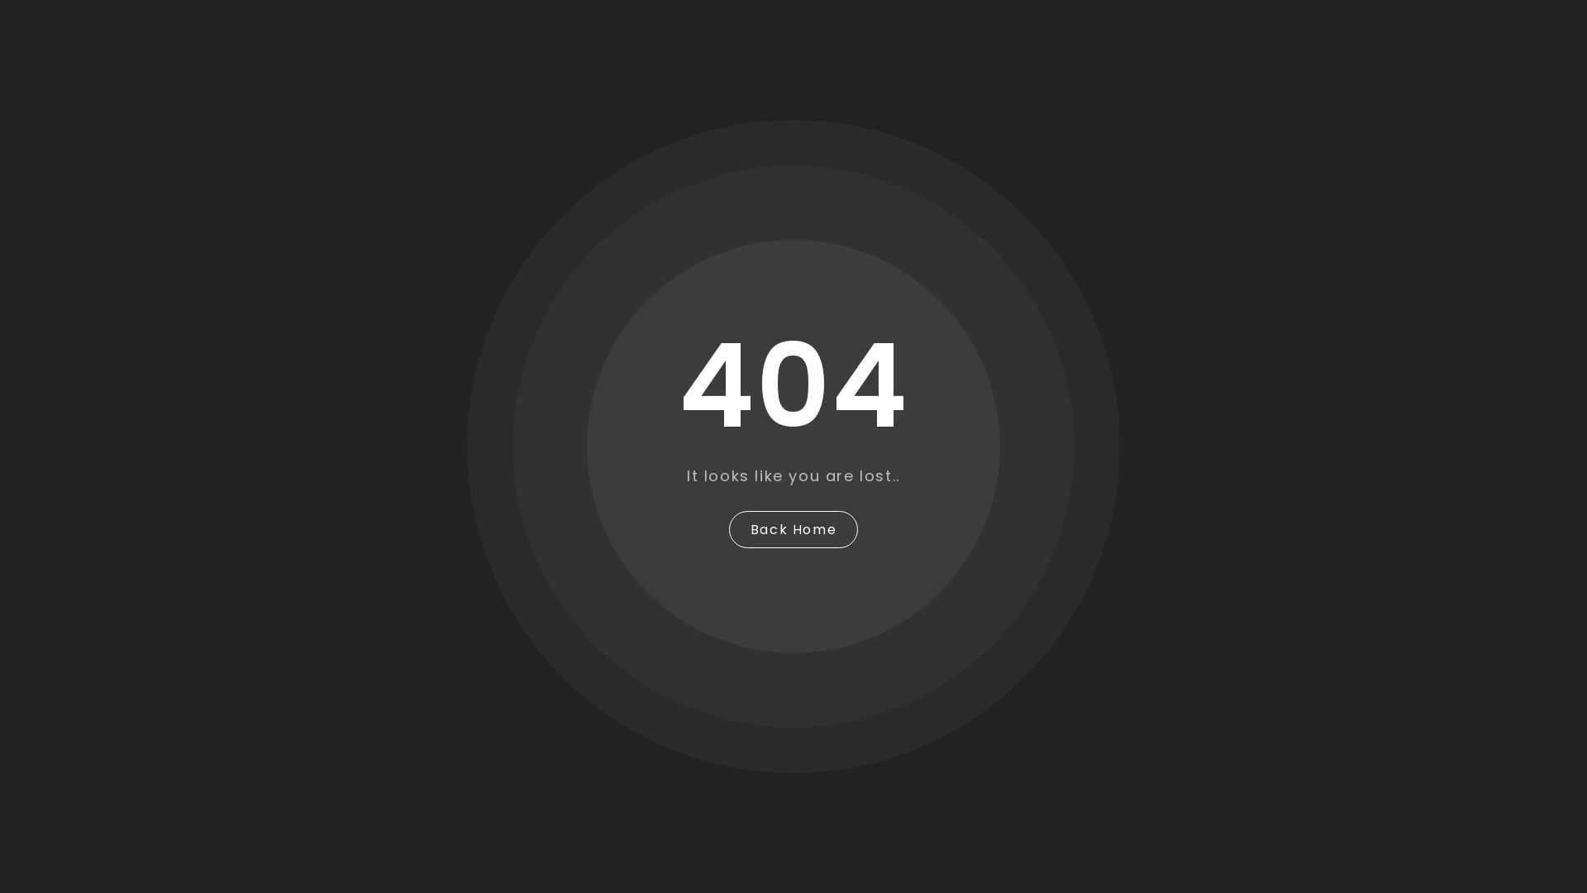 This screenshot has width=1587, height=893. Describe the element at coordinates (793, 529) in the screenshot. I see `'Back Home'` at that location.